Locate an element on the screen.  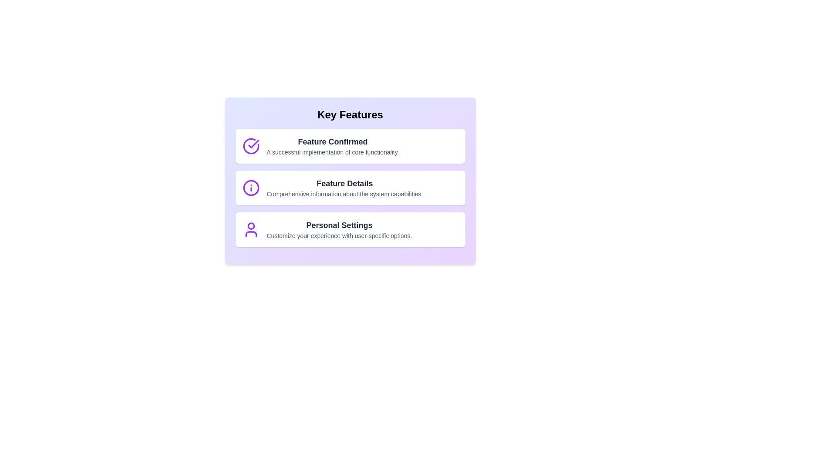
the feature item corresponding to Feature Details is located at coordinates (350, 188).